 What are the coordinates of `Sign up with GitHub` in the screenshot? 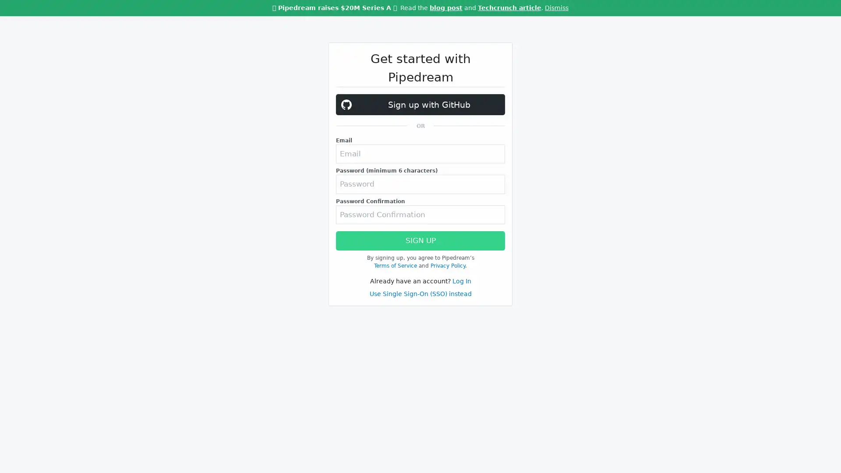 It's located at (420, 133).